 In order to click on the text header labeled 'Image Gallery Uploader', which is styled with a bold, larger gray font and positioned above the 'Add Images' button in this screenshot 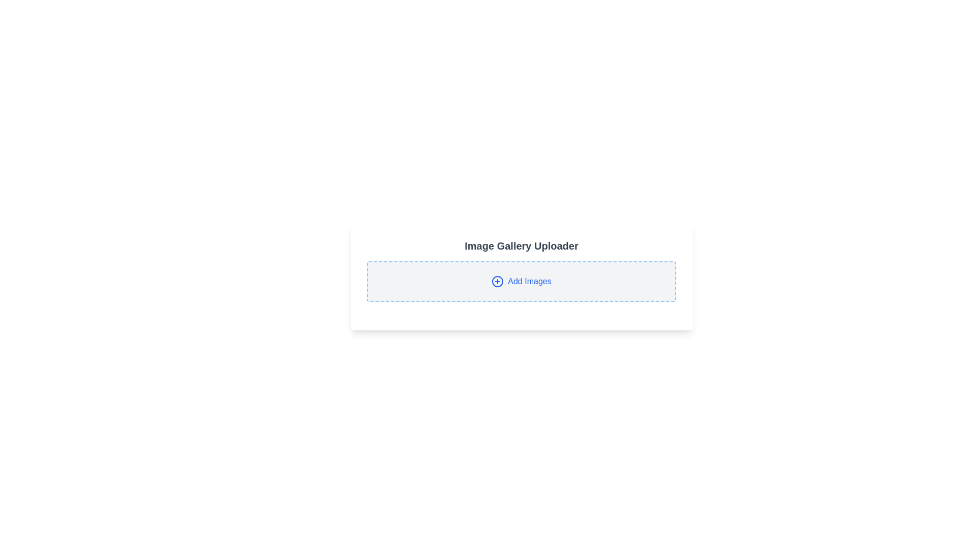, I will do `click(522, 246)`.